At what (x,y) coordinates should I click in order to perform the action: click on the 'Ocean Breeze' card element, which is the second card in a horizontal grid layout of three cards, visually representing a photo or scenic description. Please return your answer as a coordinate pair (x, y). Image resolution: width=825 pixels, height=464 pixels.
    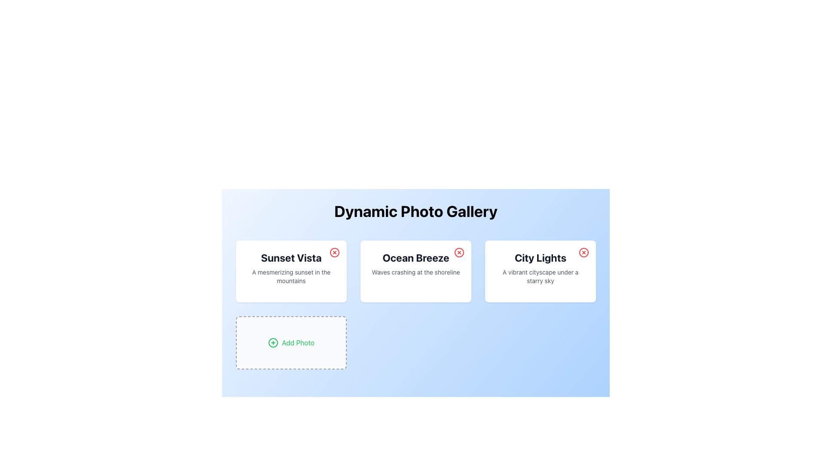
    Looking at the image, I should click on (416, 272).